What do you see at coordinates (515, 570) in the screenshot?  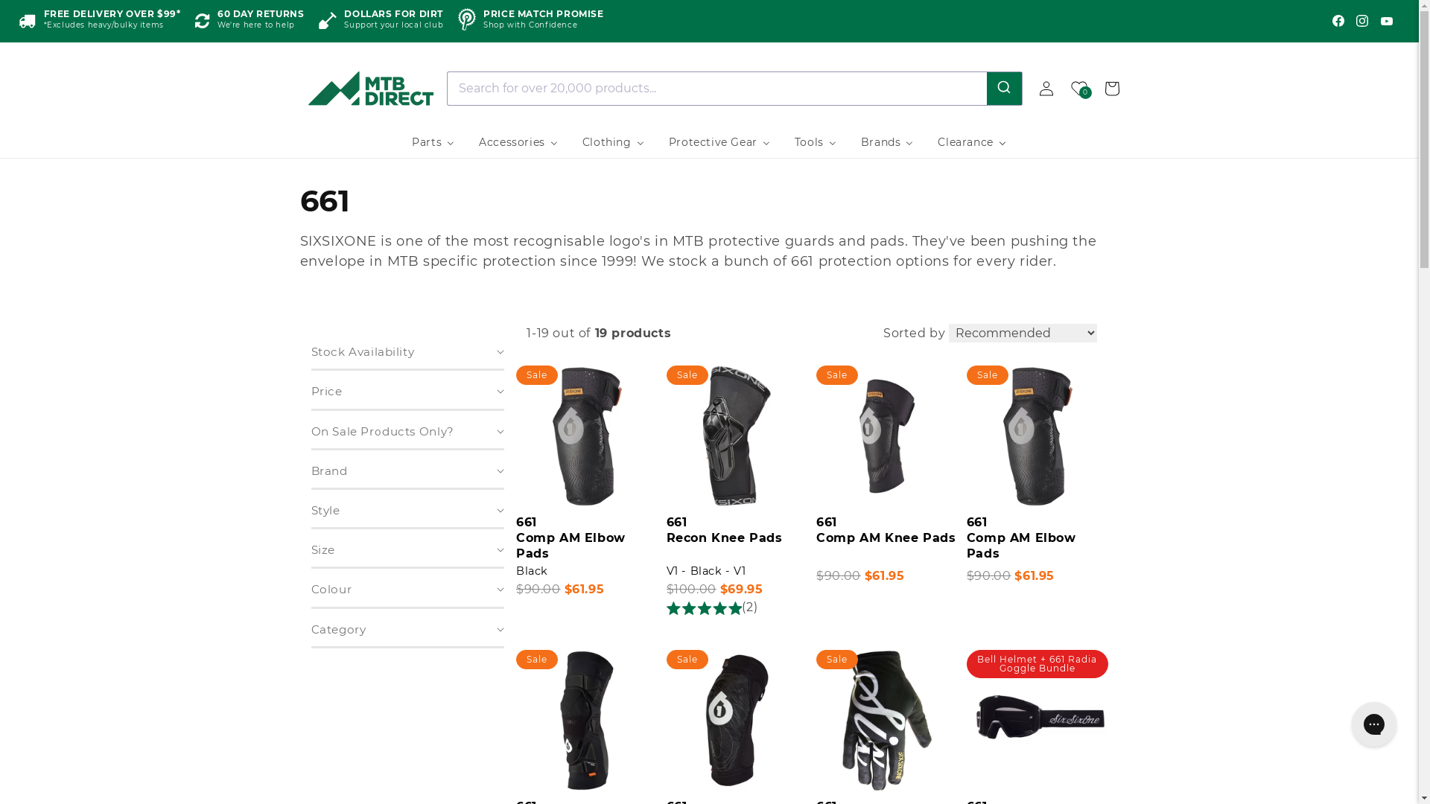 I see `'Black'` at bounding box center [515, 570].